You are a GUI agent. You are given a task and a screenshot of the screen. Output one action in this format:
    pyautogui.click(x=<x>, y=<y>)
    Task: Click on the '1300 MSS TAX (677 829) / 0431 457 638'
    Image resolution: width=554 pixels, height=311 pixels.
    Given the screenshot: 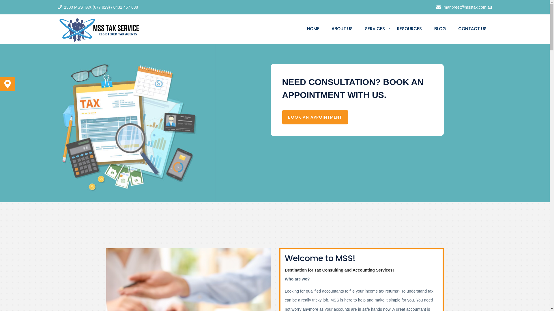 What is the action you would take?
    pyautogui.click(x=101, y=7)
    